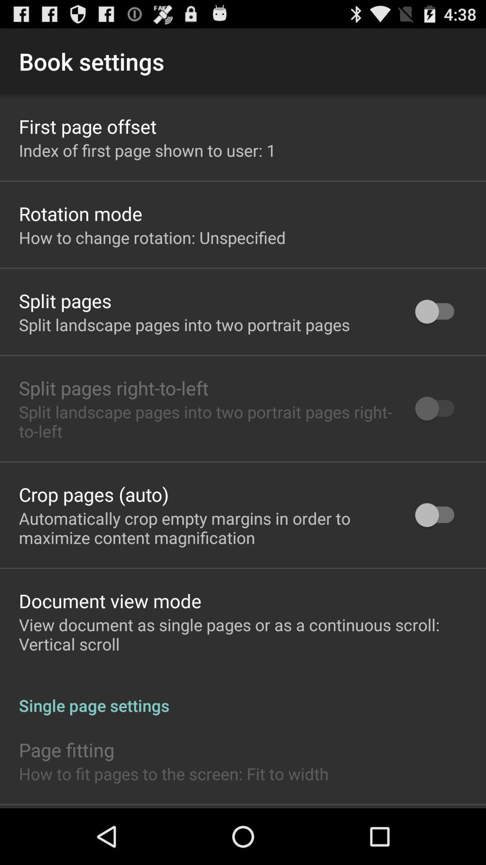 This screenshot has width=486, height=865. What do you see at coordinates (147, 150) in the screenshot?
I see `item above the rotation mode` at bounding box center [147, 150].